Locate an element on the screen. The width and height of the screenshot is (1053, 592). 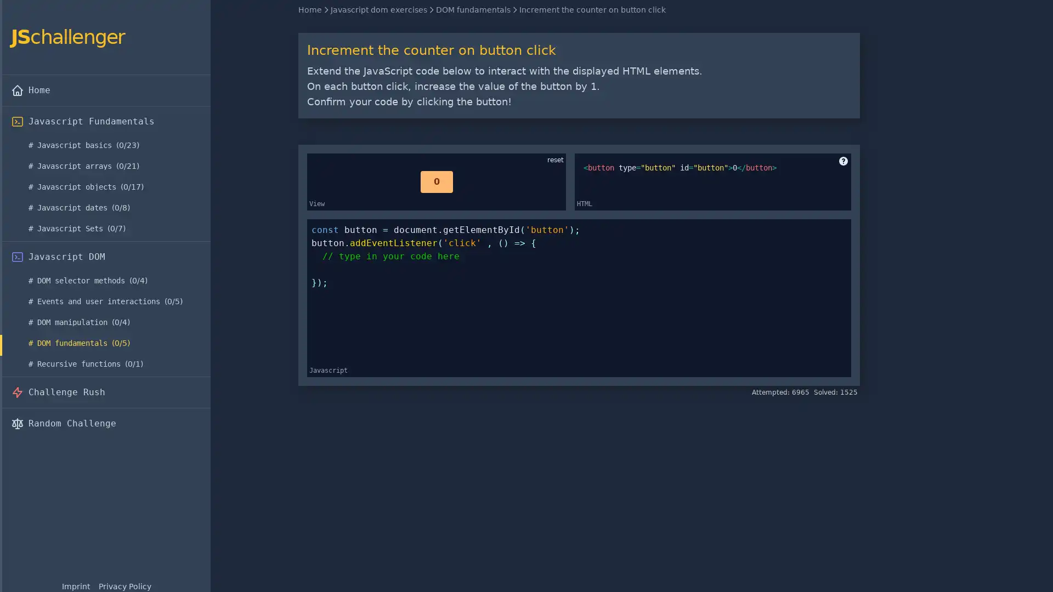
0 is located at coordinates (435, 181).